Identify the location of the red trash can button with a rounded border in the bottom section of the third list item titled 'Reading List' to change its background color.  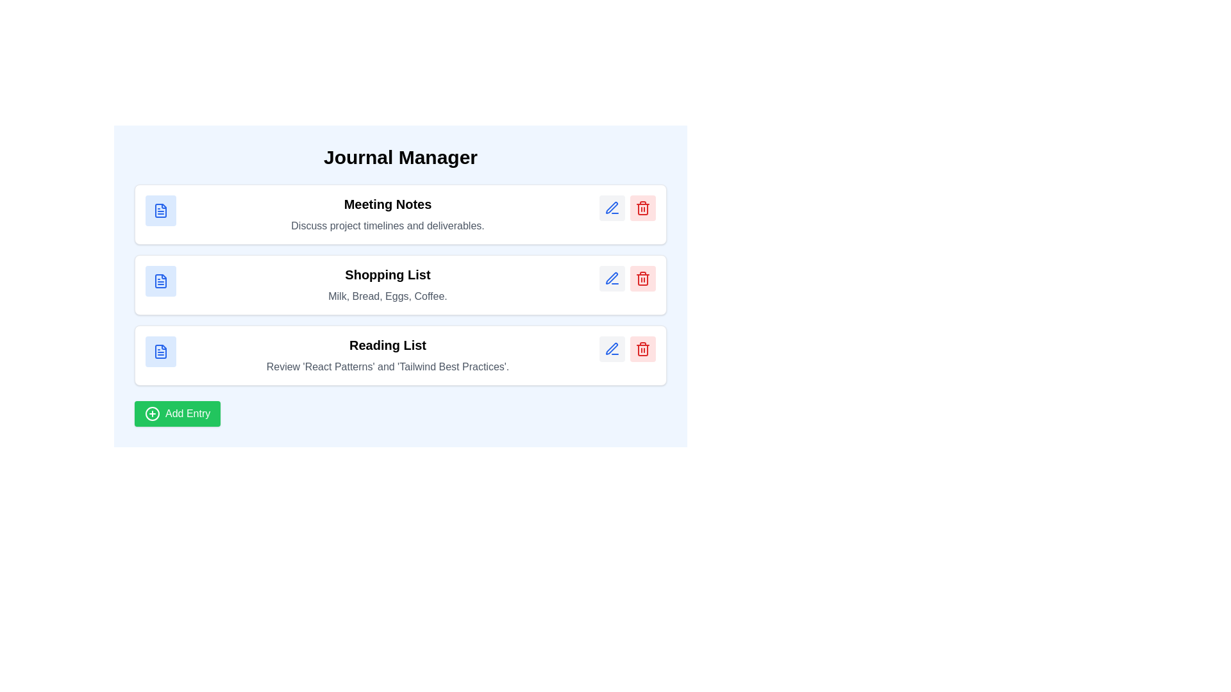
(643, 349).